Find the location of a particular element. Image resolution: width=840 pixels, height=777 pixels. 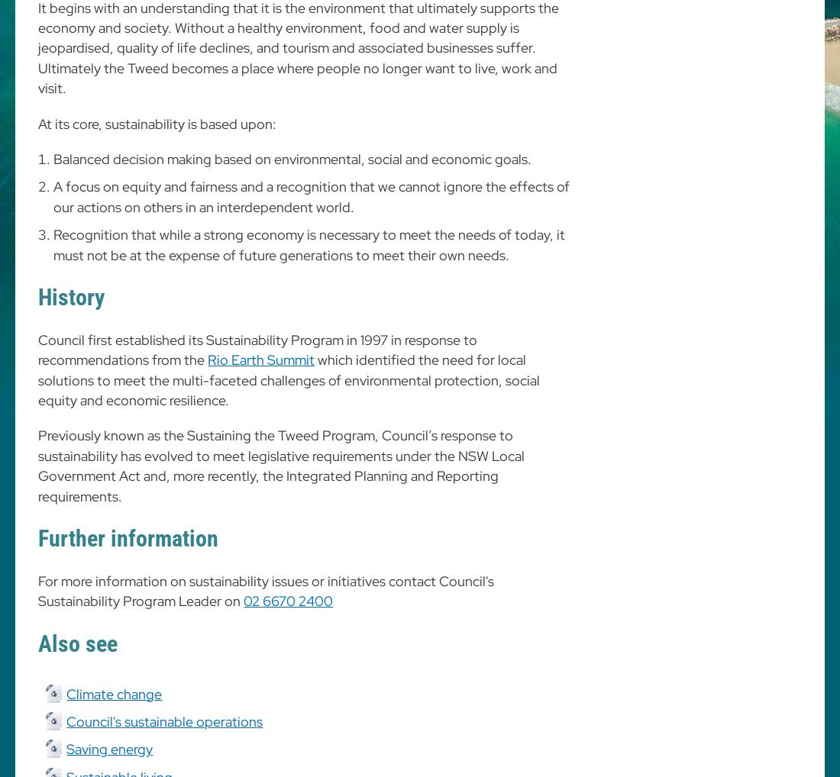

'Recognition that while a strong economy is necessary to meet the needs of today, it must not be at the expense of future generations to meet their own needs.' is located at coordinates (309, 243).